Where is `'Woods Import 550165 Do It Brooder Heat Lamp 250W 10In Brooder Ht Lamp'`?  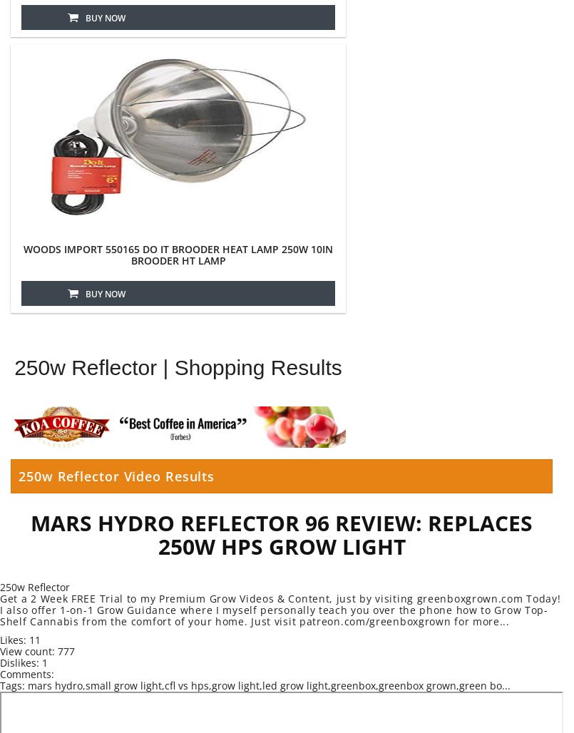 'Woods Import 550165 Do It Brooder Heat Lamp 250W 10In Brooder Ht Lamp' is located at coordinates (178, 254).